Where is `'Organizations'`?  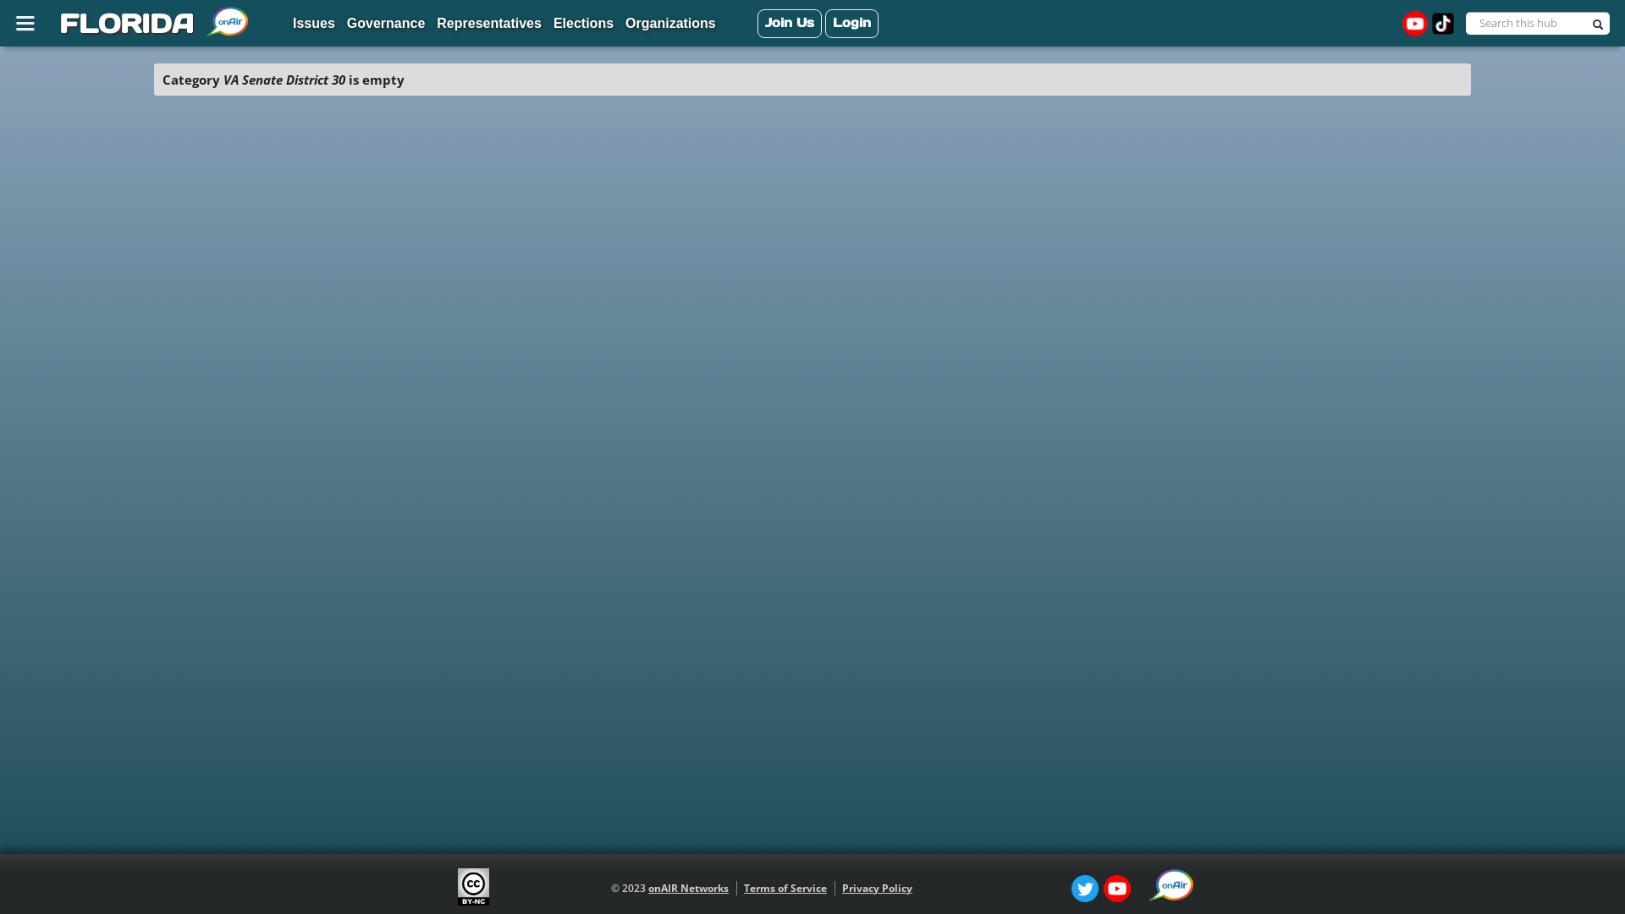
'Organizations' is located at coordinates (620, 25).